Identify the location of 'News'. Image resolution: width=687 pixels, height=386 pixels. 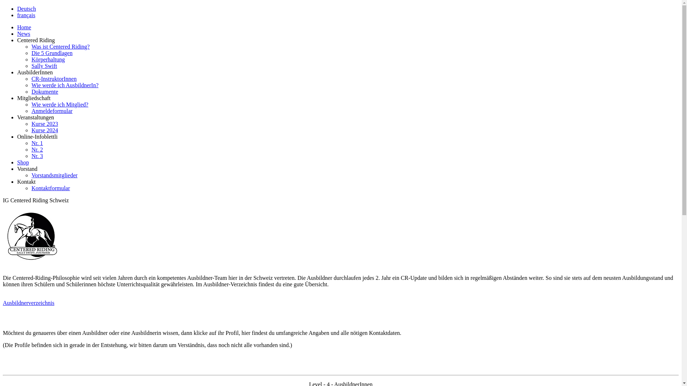
(17, 34).